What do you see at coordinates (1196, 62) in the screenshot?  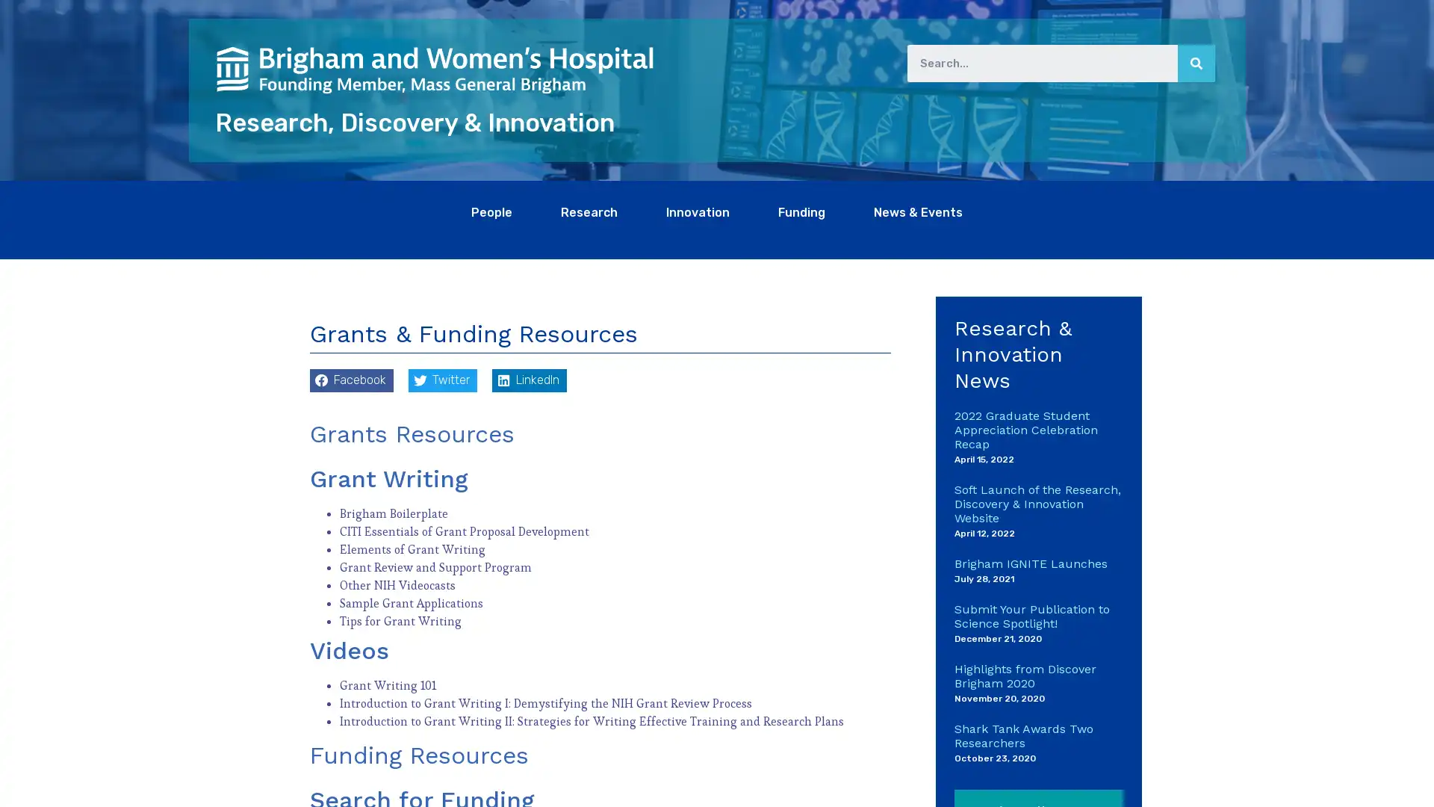 I see `Search` at bounding box center [1196, 62].